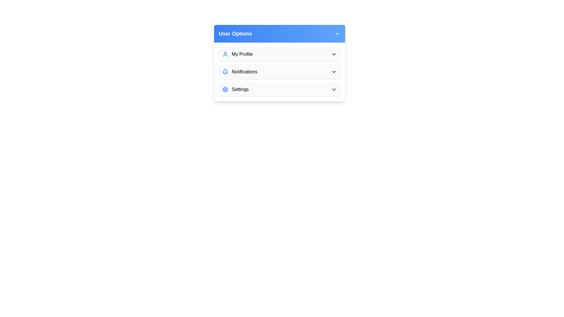 The height and width of the screenshot is (317, 564). What do you see at coordinates (225, 89) in the screenshot?
I see `the settings icon located at the bottom of the 'User Options' panel, which is the first item in a horizontal grouping followed by the text 'Settings'` at bounding box center [225, 89].